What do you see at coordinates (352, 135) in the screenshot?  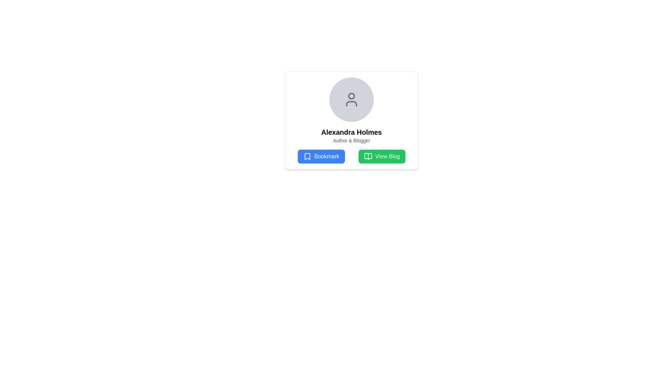 I see `the text label displaying 'Alexandra Holmes' and 'Author & Blogger', which is centered beneath the profile picture and above the action buttons` at bounding box center [352, 135].